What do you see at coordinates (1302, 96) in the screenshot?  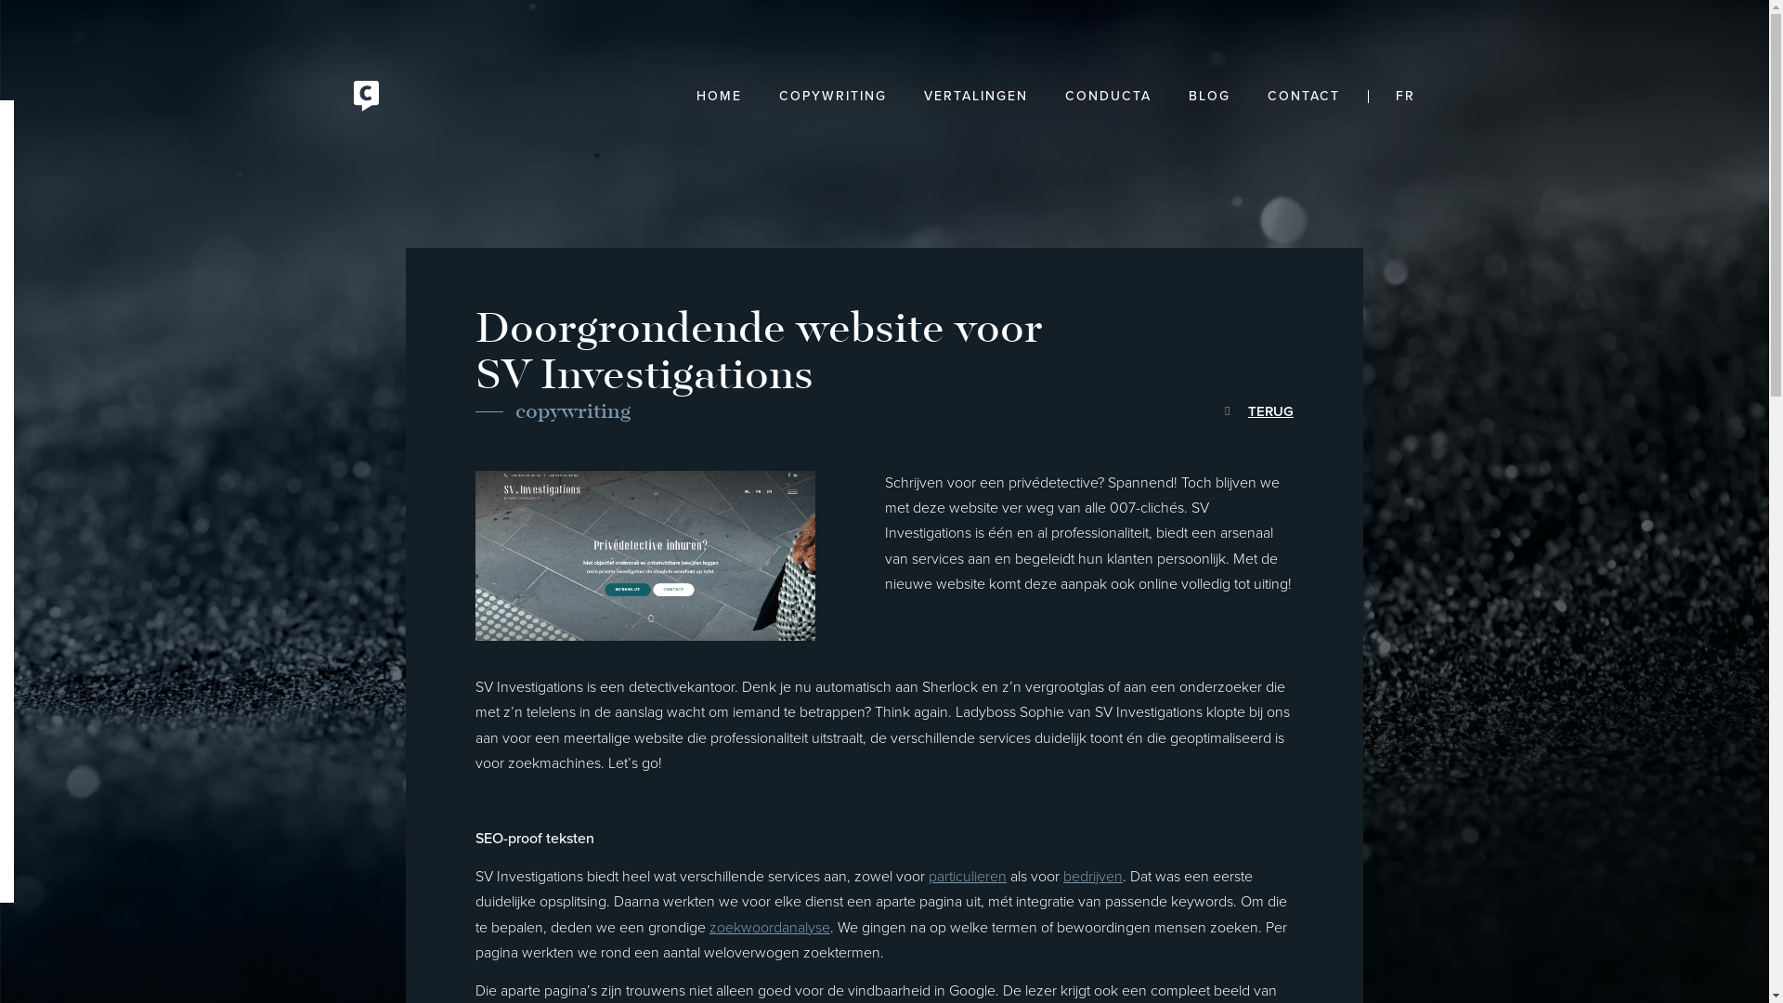 I see `'CONTACT'` at bounding box center [1302, 96].